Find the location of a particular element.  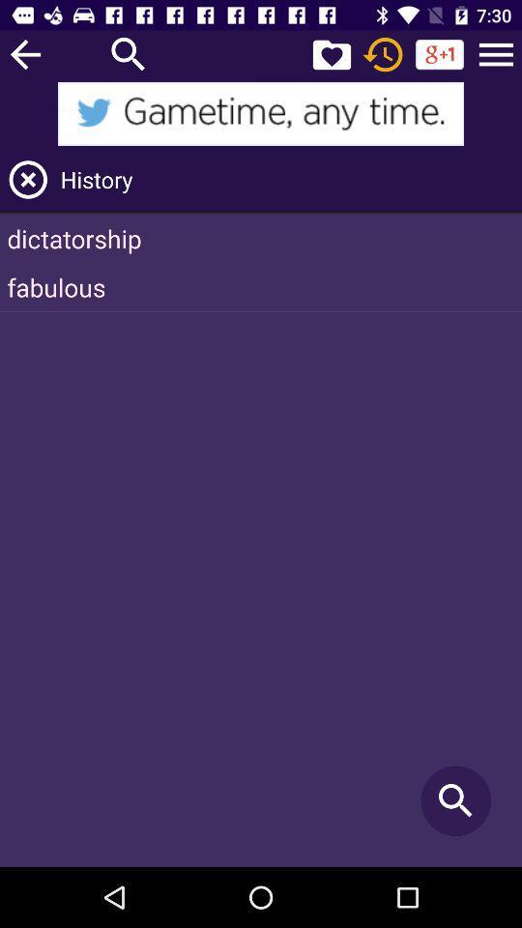

show more history is located at coordinates (496, 53).